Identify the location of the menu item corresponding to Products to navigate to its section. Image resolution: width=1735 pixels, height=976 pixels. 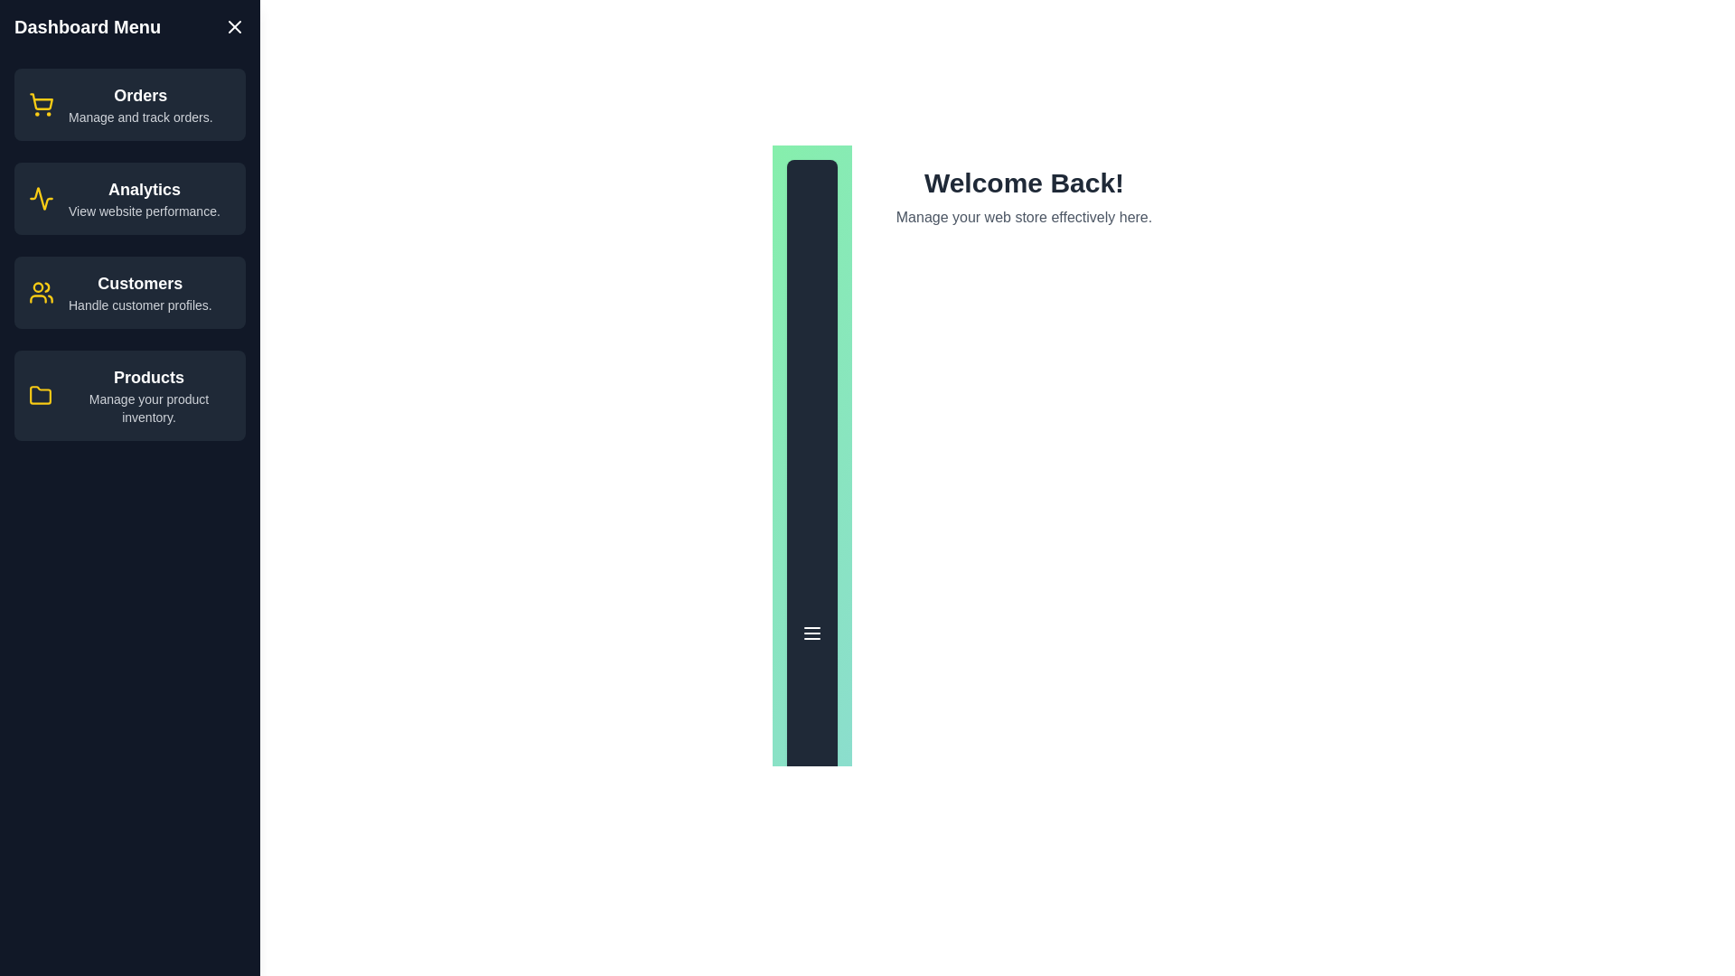
(129, 395).